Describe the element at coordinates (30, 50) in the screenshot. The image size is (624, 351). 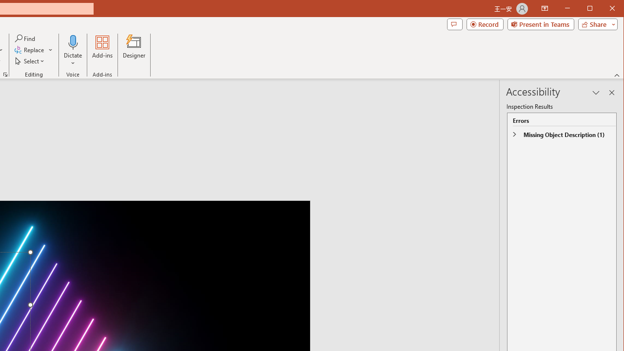
I see `'Replace...'` at that location.